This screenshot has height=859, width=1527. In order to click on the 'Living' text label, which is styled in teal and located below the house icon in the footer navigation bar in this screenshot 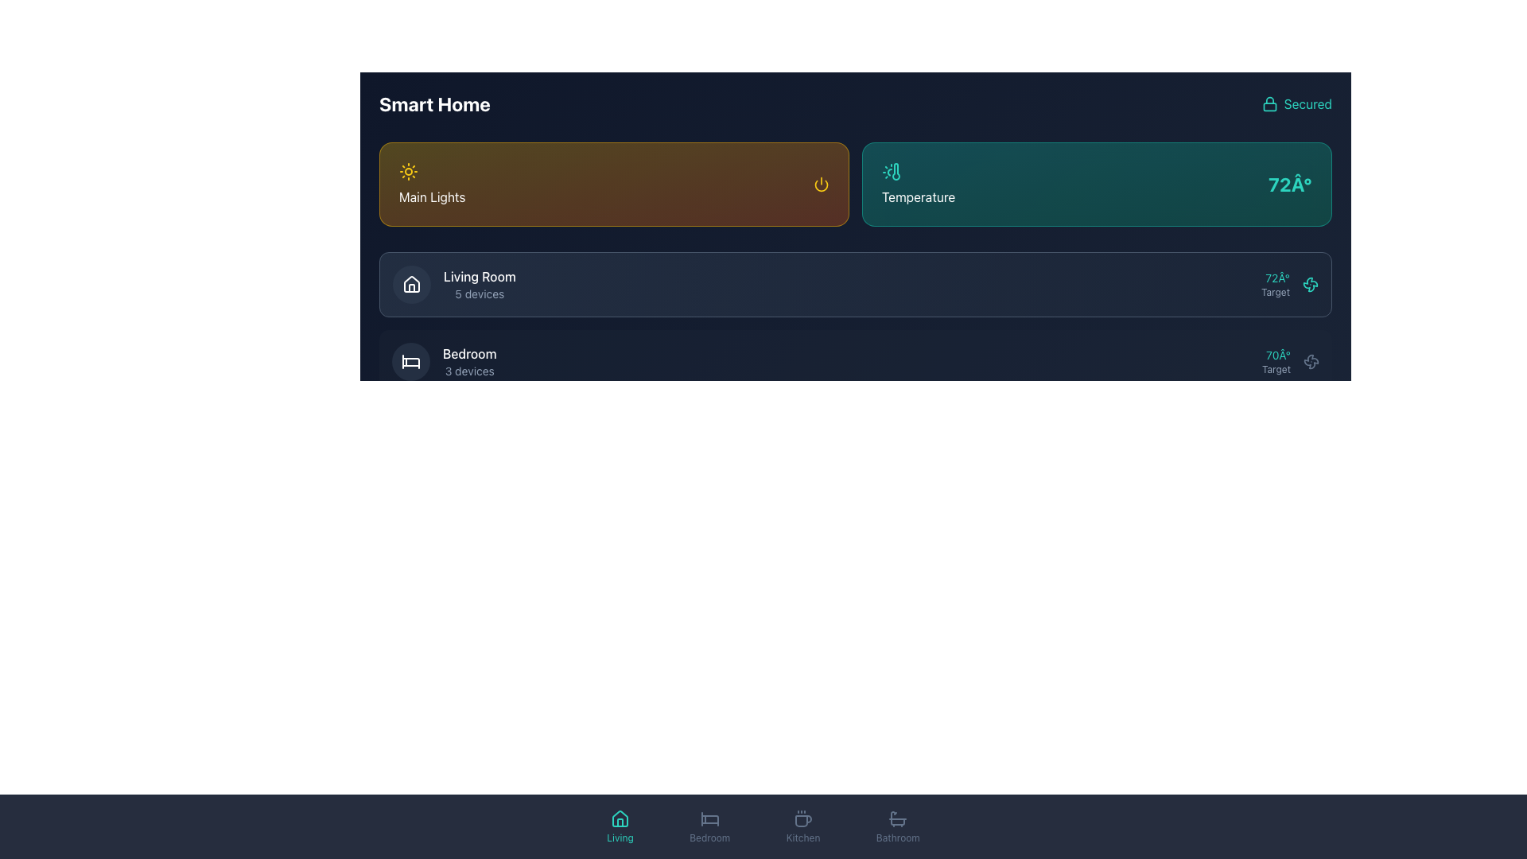, I will do `click(619, 837)`.